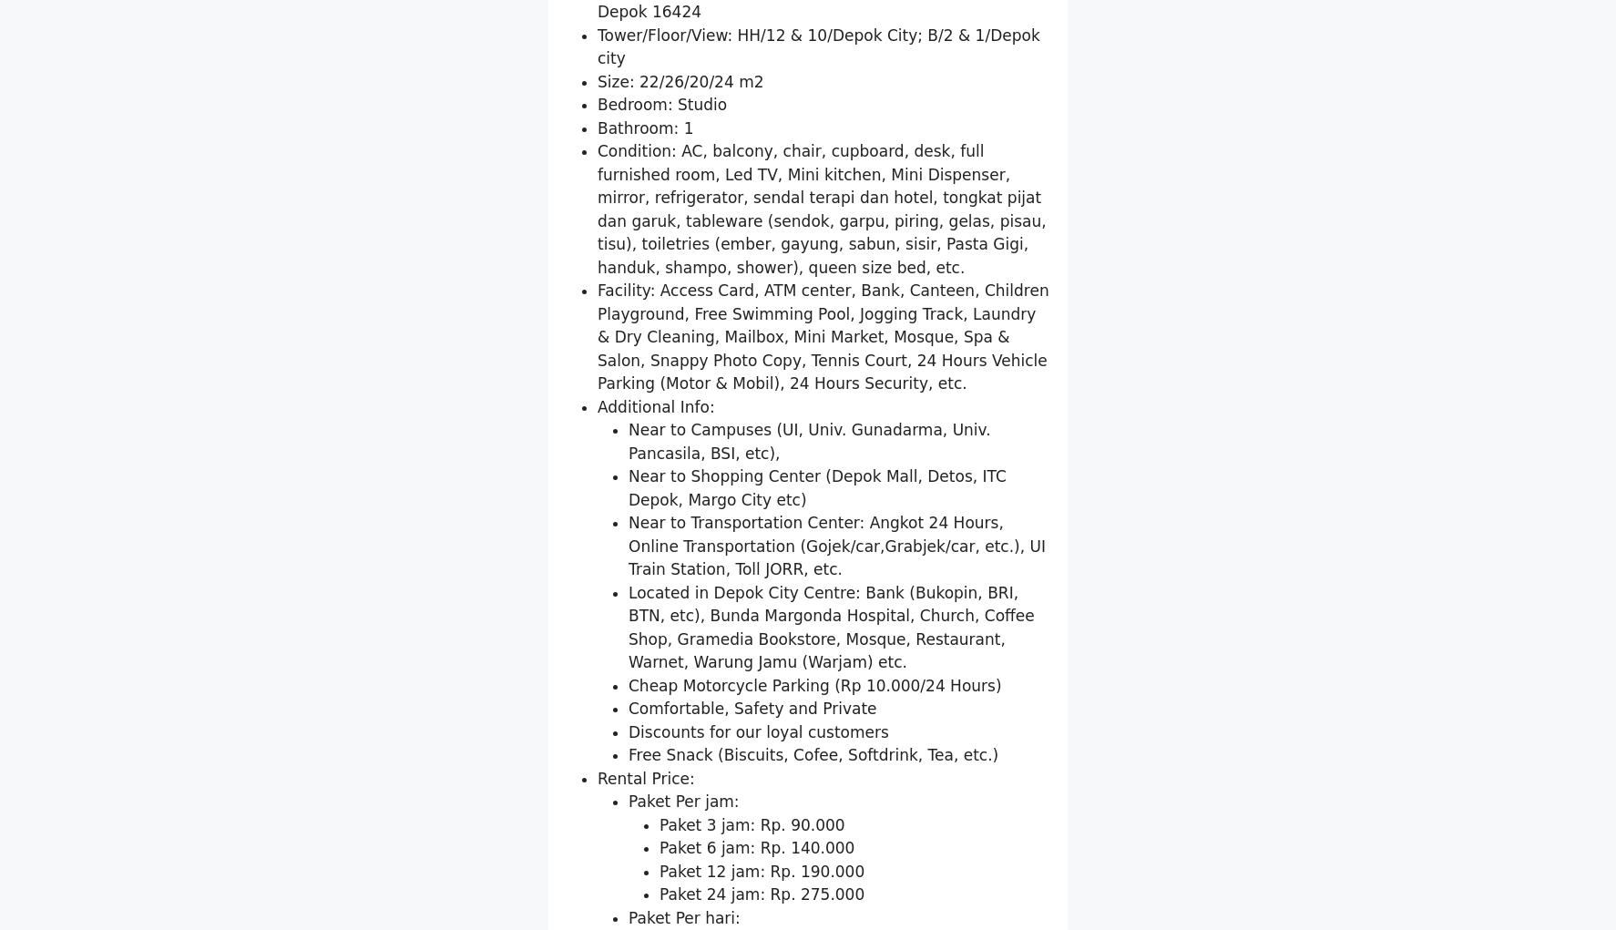 The height and width of the screenshot is (930, 1616). What do you see at coordinates (835, 758) in the screenshot?
I see `'Near to Transportation Center: Angkot 24 Hours, Online Transportation (Gojek/car,Grabjek/car, etc.), UI Train Station, Toll JORR, etc.'` at bounding box center [835, 758].